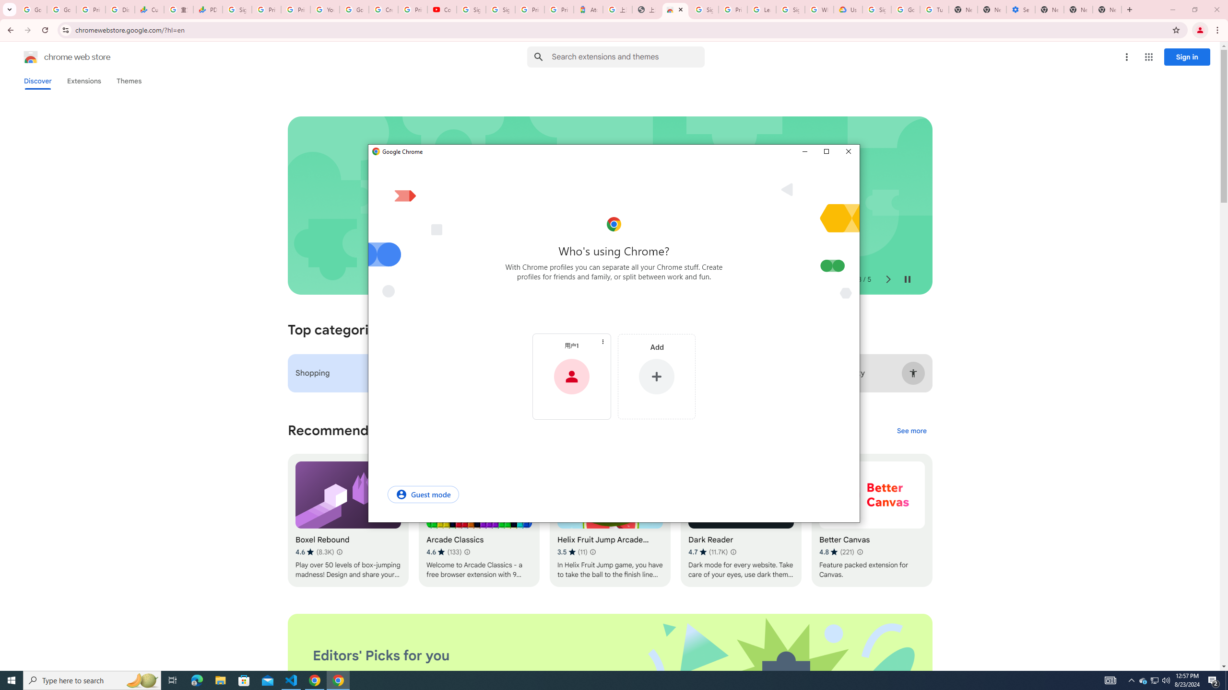 The height and width of the screenshot is (690, 1228). What do you see at coordinates (442, 9) in the screenshot?
I see `'Content Creator Programs & Opportunities - YouTube Creators'` at bounding box center [442, 9].